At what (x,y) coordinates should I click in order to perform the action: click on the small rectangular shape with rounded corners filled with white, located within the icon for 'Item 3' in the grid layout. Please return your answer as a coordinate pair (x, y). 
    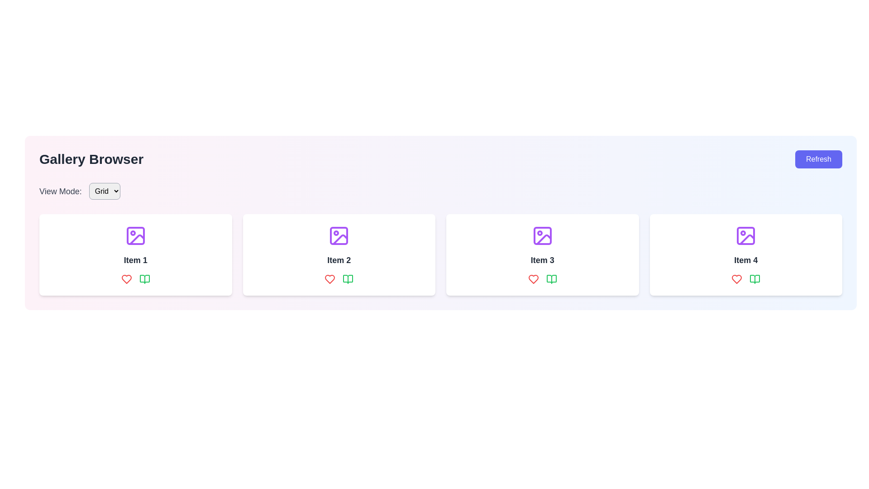
    Looking at the image, I should click on (542, 235).